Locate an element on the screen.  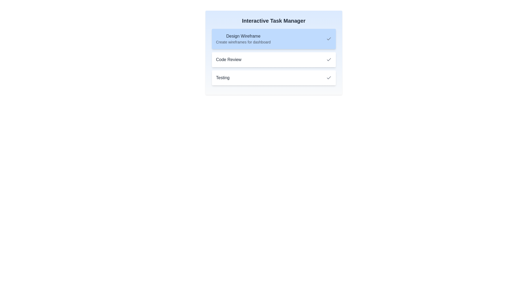
the check icon for task 1 to mark it as completed is located at coordinates (328, 39).